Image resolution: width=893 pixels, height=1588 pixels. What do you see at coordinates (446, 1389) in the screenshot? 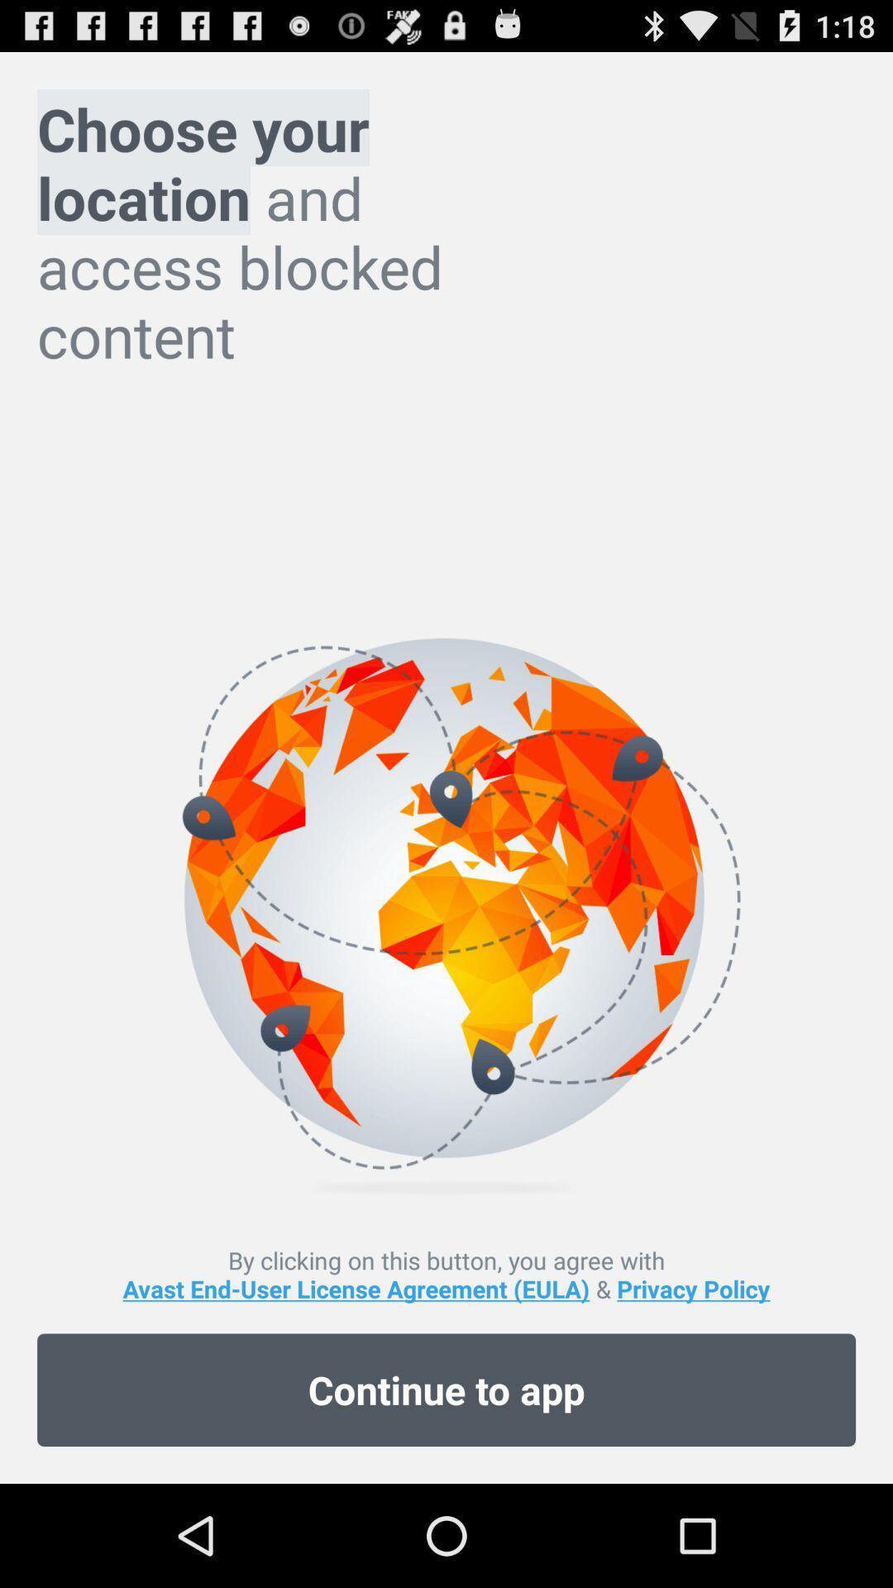
I see `continue to app button` at bounding box center [446, 1389].